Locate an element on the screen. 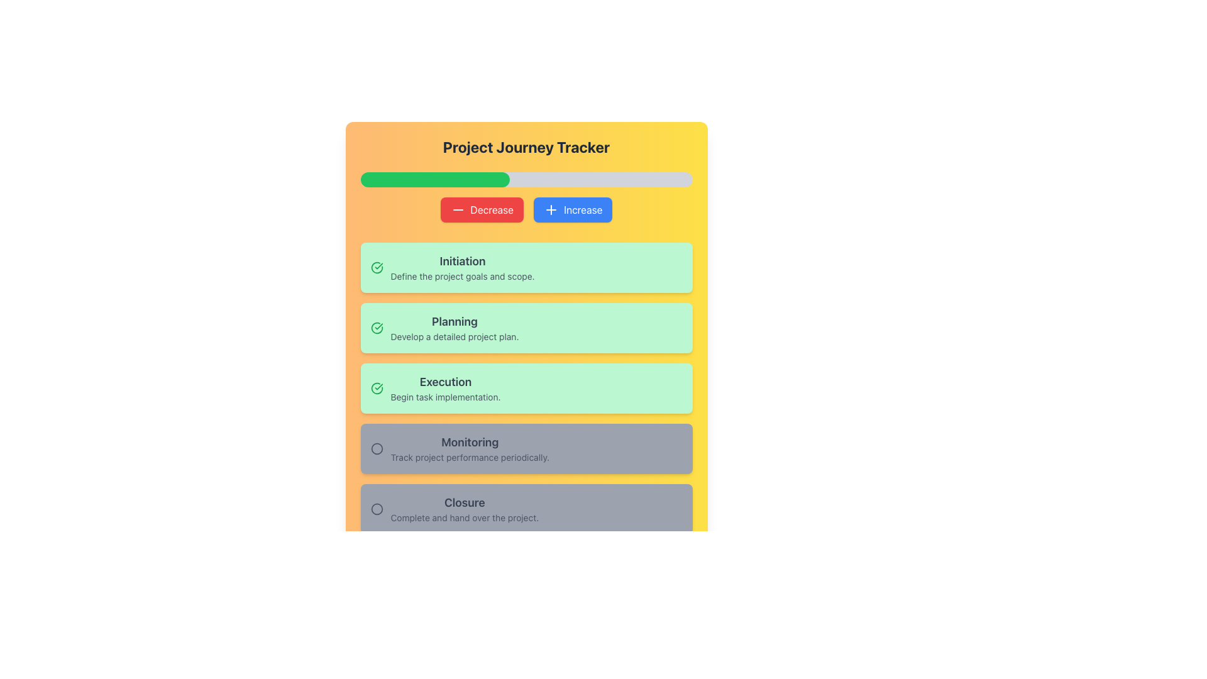 The image size is (1207, 679). the completion status icon for the 'Planning' phase in the project tracker, which is the second item in the list of project phases is located at coordinates (376, 327).